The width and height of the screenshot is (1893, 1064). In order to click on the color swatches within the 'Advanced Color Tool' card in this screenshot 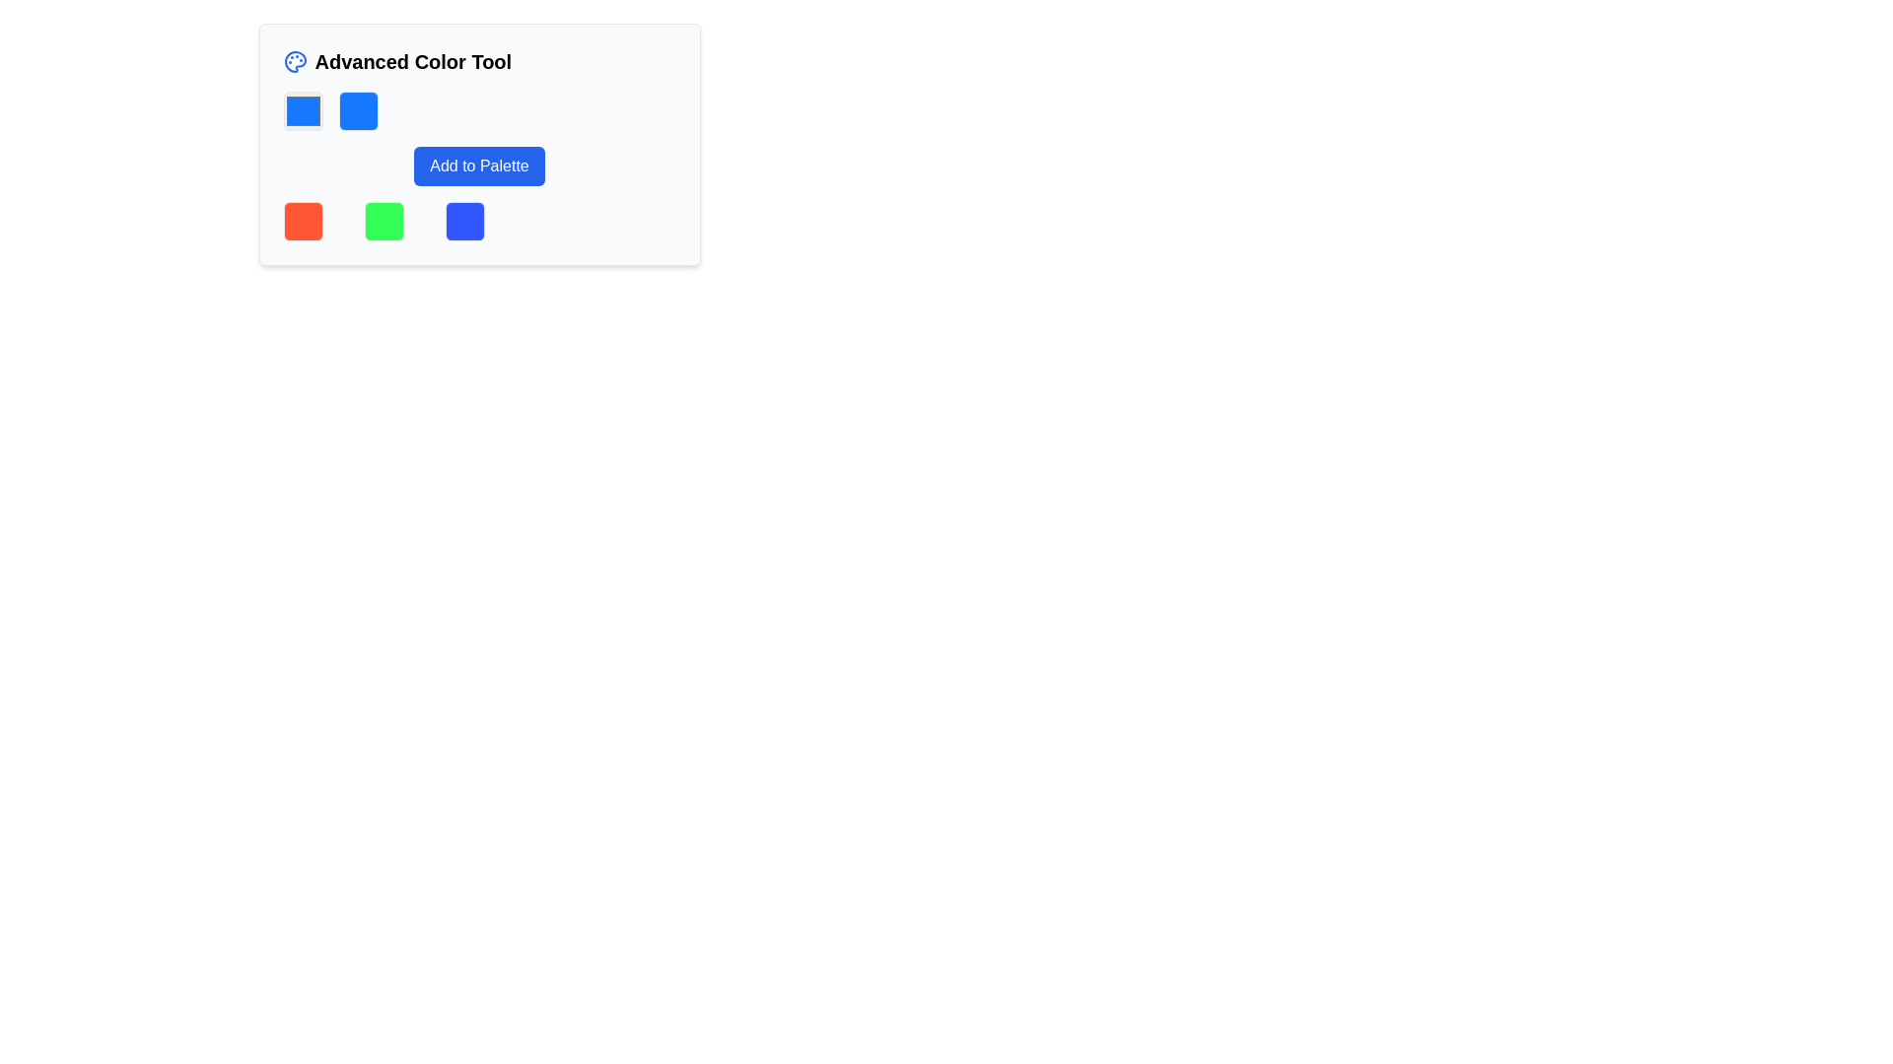, I will do `click(479, 143)`.